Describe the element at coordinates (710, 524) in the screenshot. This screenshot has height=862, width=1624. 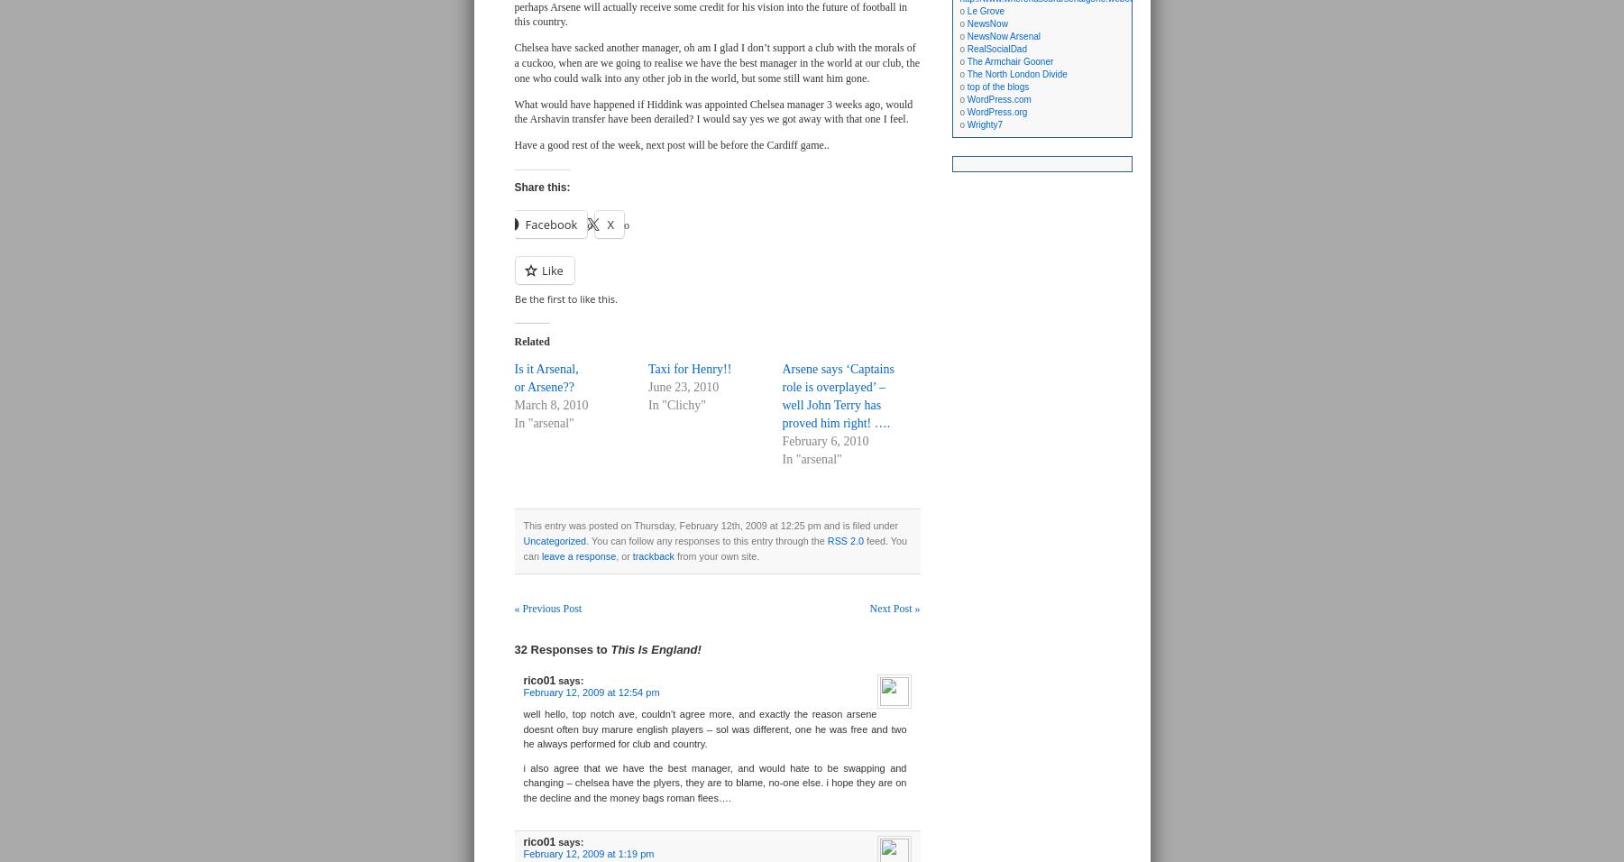
I see `'This entry was posted  on Thursday, February 12th, 2009 at 12:25 pm and is filed under'` at that location.